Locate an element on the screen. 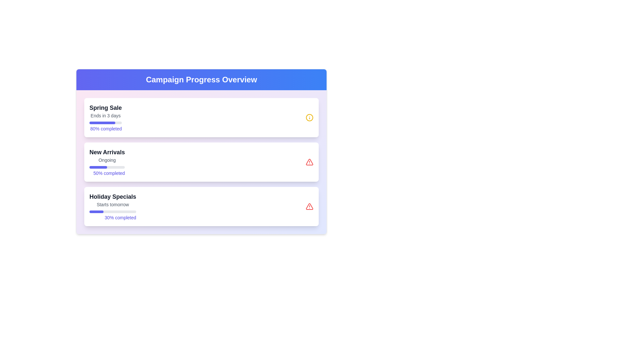  the decorative vector shape, which is a circular element with a yellow outline located at the top right corner of the first list item in the main content section is located at coordinates (309, 117).